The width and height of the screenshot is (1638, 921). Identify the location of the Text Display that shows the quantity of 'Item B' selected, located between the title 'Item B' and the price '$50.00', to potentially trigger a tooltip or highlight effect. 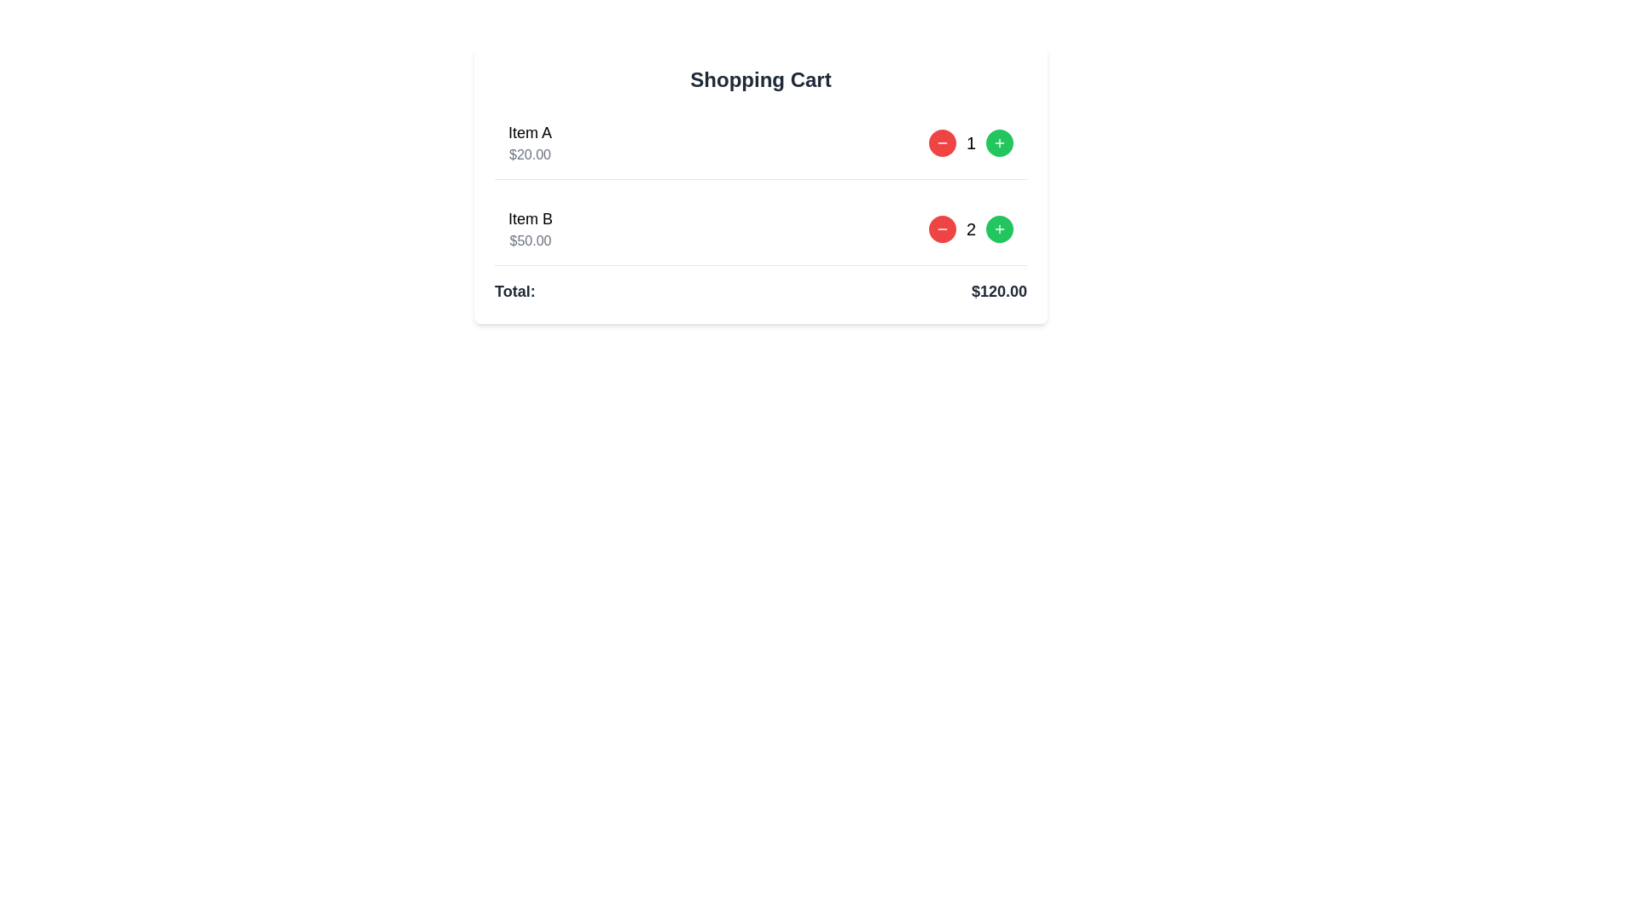
(971, 229).